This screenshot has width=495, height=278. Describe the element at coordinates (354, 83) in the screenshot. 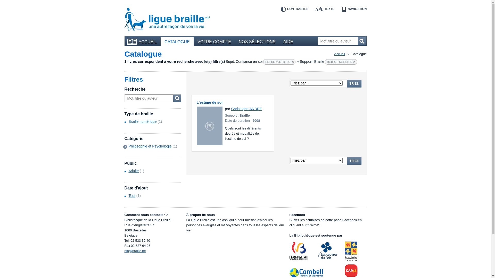

I see `'TRIEZ'` at that location.